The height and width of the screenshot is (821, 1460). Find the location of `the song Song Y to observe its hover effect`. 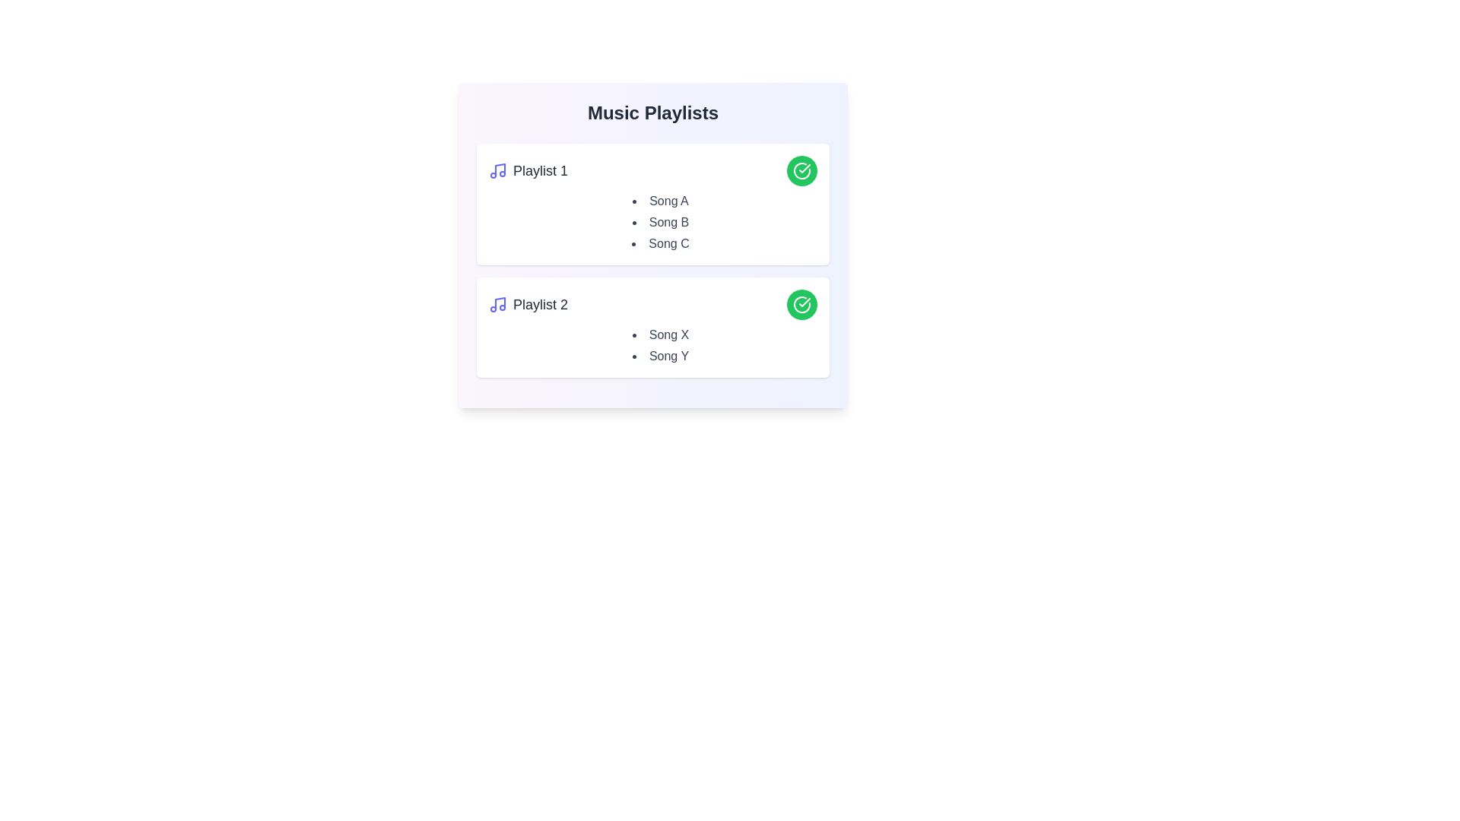

the song Song Y to observe its hover effect is located at coordinates (660, 357).